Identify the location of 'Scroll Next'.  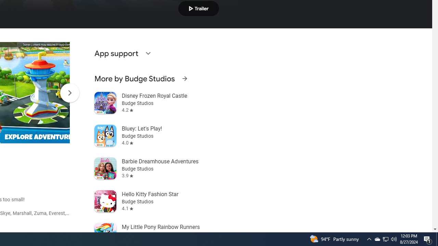
(69, 93).